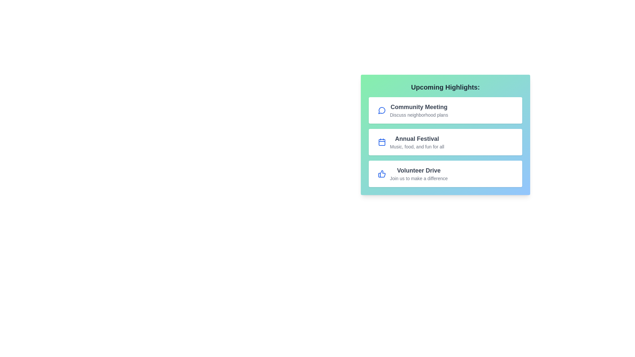 The width and height of the screenshot is (635, 357). What do you see at coordinates (382, 110) in the screenshot?
I see `the icon associated with the Community Meeting event` at bounding box center [382, 110].